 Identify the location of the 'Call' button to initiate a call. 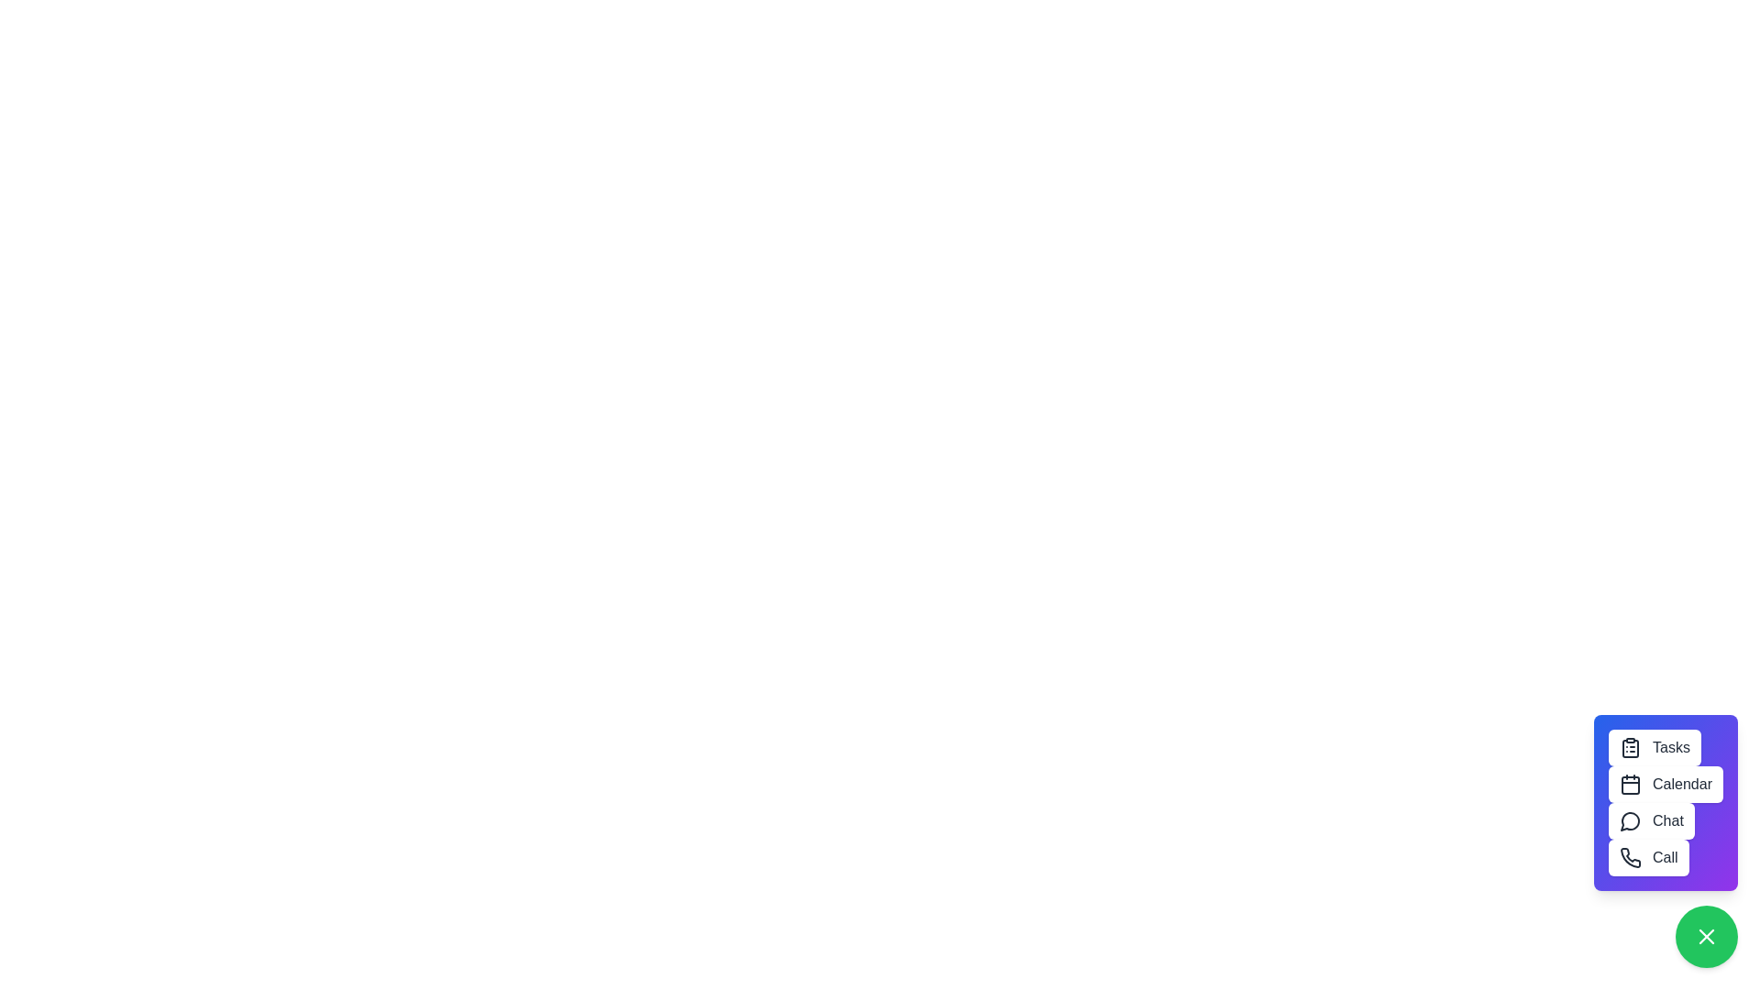
(1648, 858).